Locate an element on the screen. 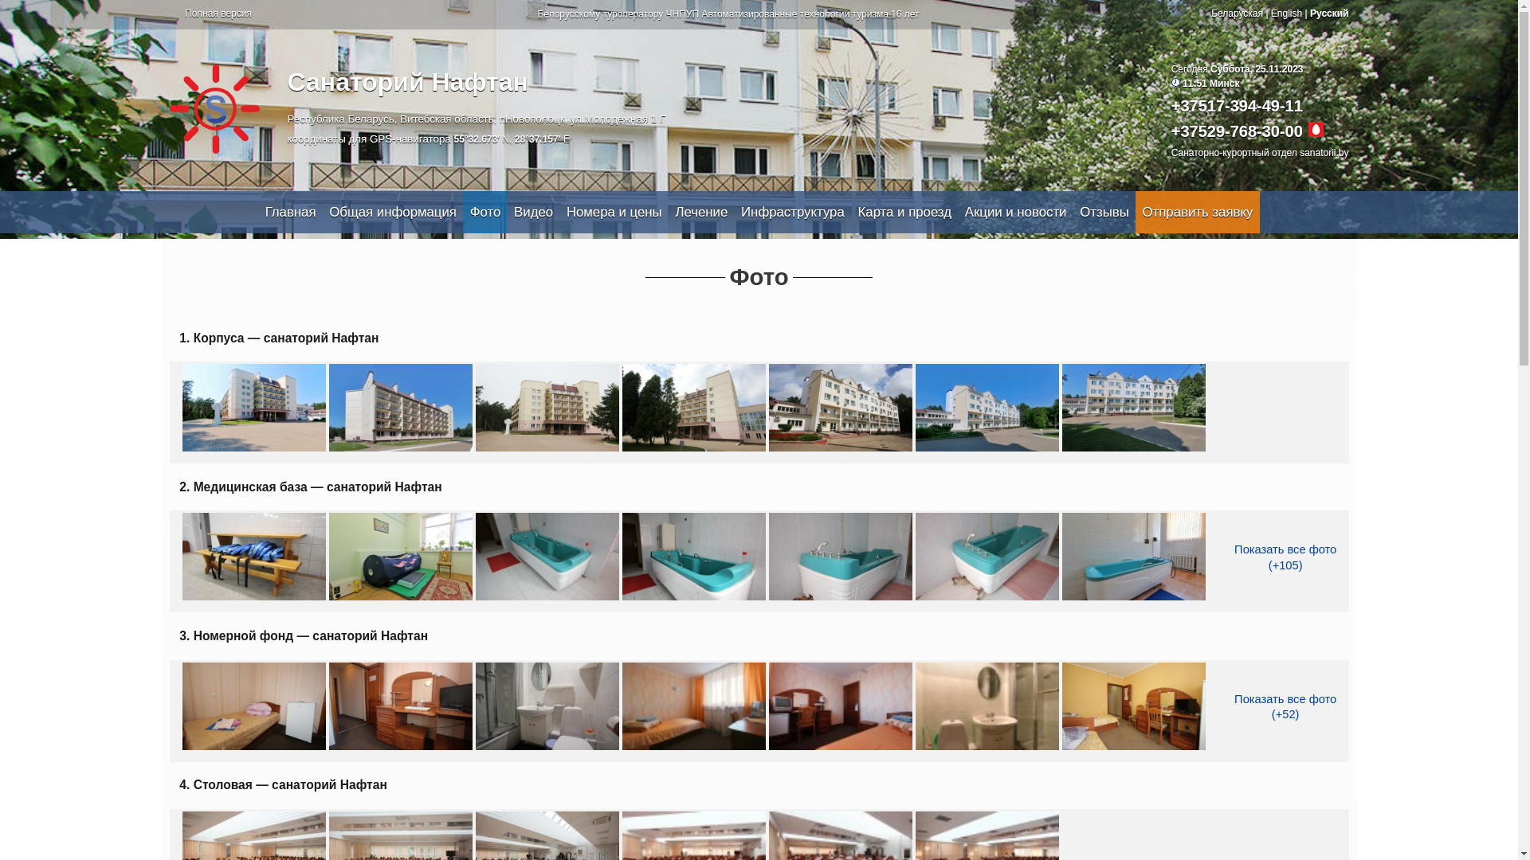 Image resolution: width=1530 pixels, height=860 pixels. '+37529-768-30-00' is located at coordinates (1236, 131).